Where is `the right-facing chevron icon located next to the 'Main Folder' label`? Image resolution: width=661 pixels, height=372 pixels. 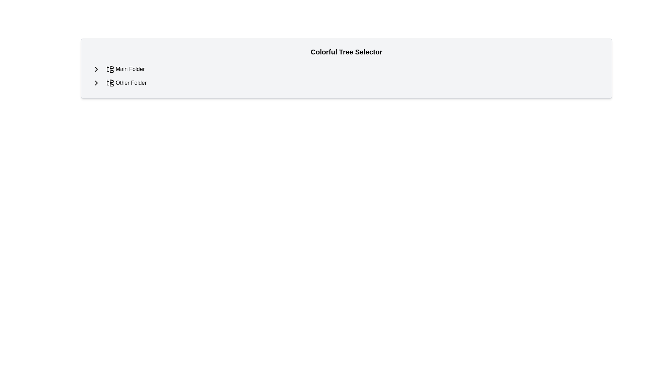 the right-facing chevron icon located next to the 'Main Folder' label is located at coordinates (96, 69).